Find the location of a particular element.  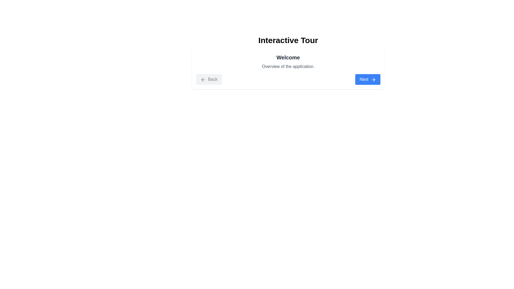

the left-pointing arrow icon inside the 'Back' button is located at coordinates (202, 79).